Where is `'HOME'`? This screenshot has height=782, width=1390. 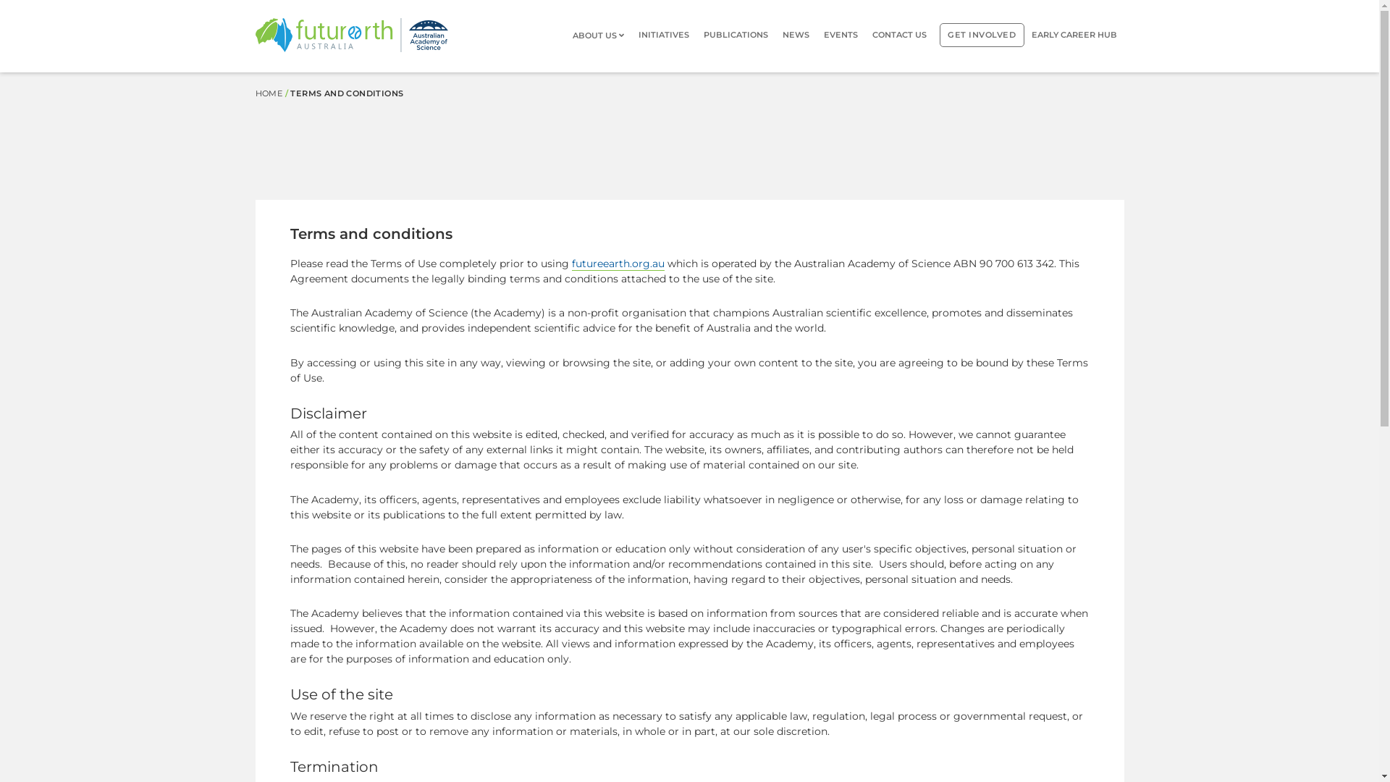 'HOME' is located at coordinates (268, 93).